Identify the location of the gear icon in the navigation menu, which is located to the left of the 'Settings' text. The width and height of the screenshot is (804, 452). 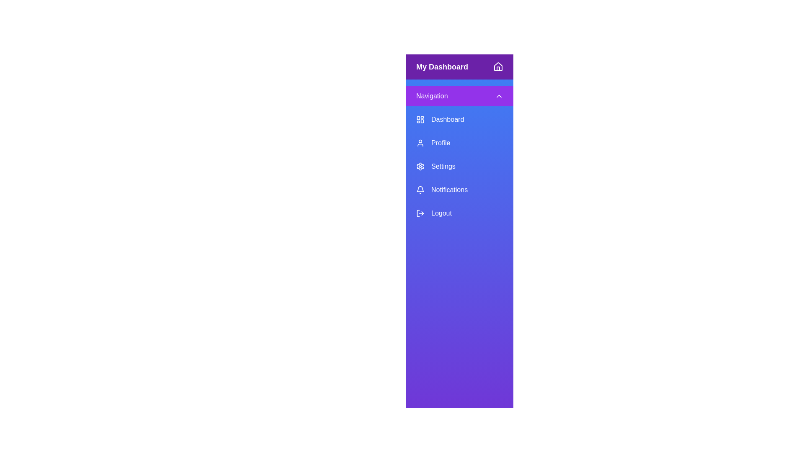
(420, 166).